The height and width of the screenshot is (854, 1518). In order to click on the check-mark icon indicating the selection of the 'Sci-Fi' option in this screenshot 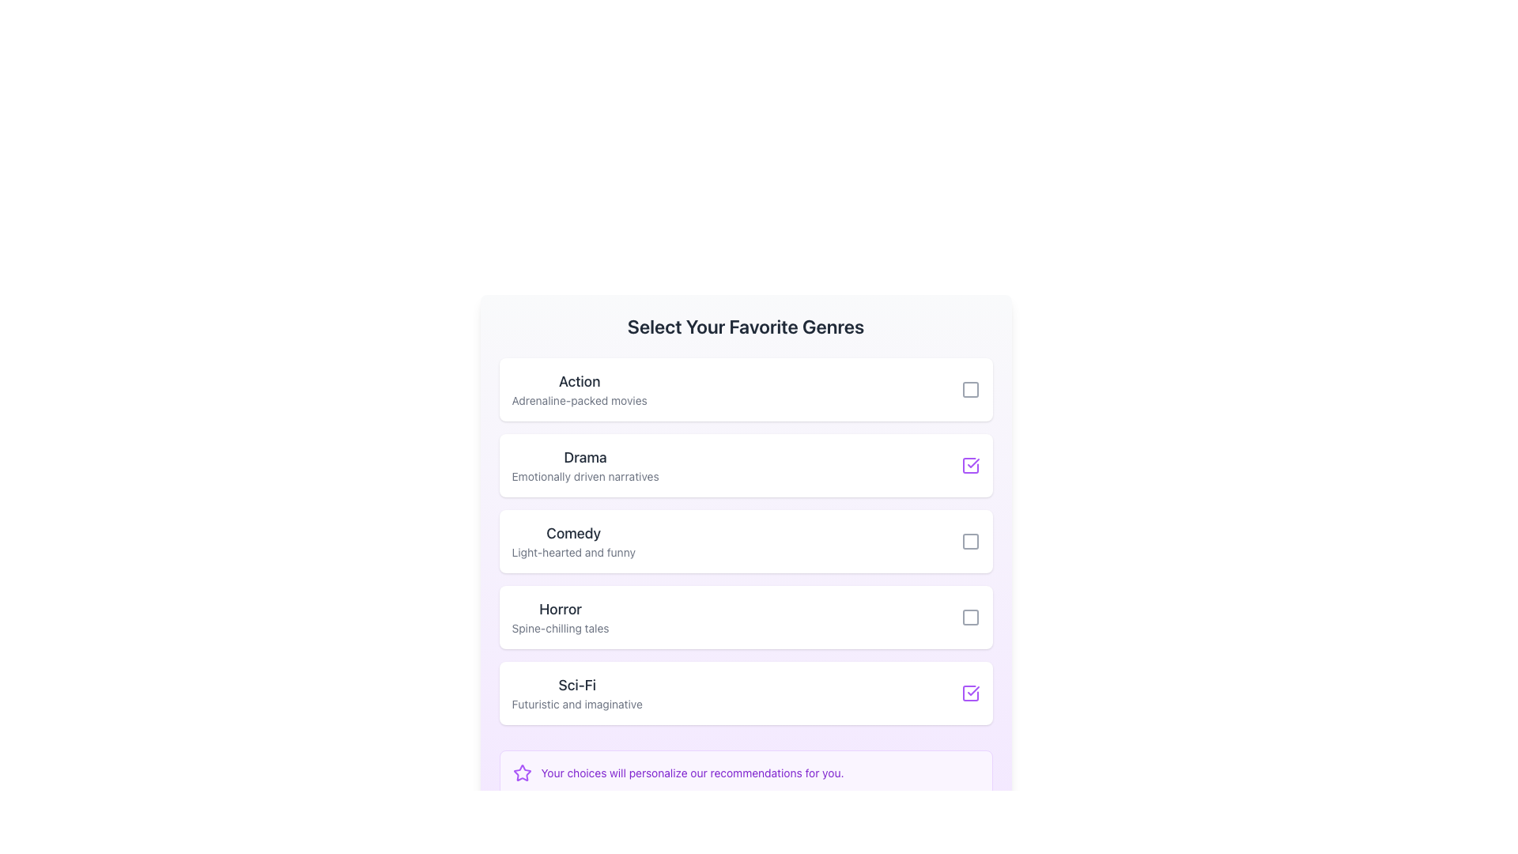, I will do `click(972, 690)`.